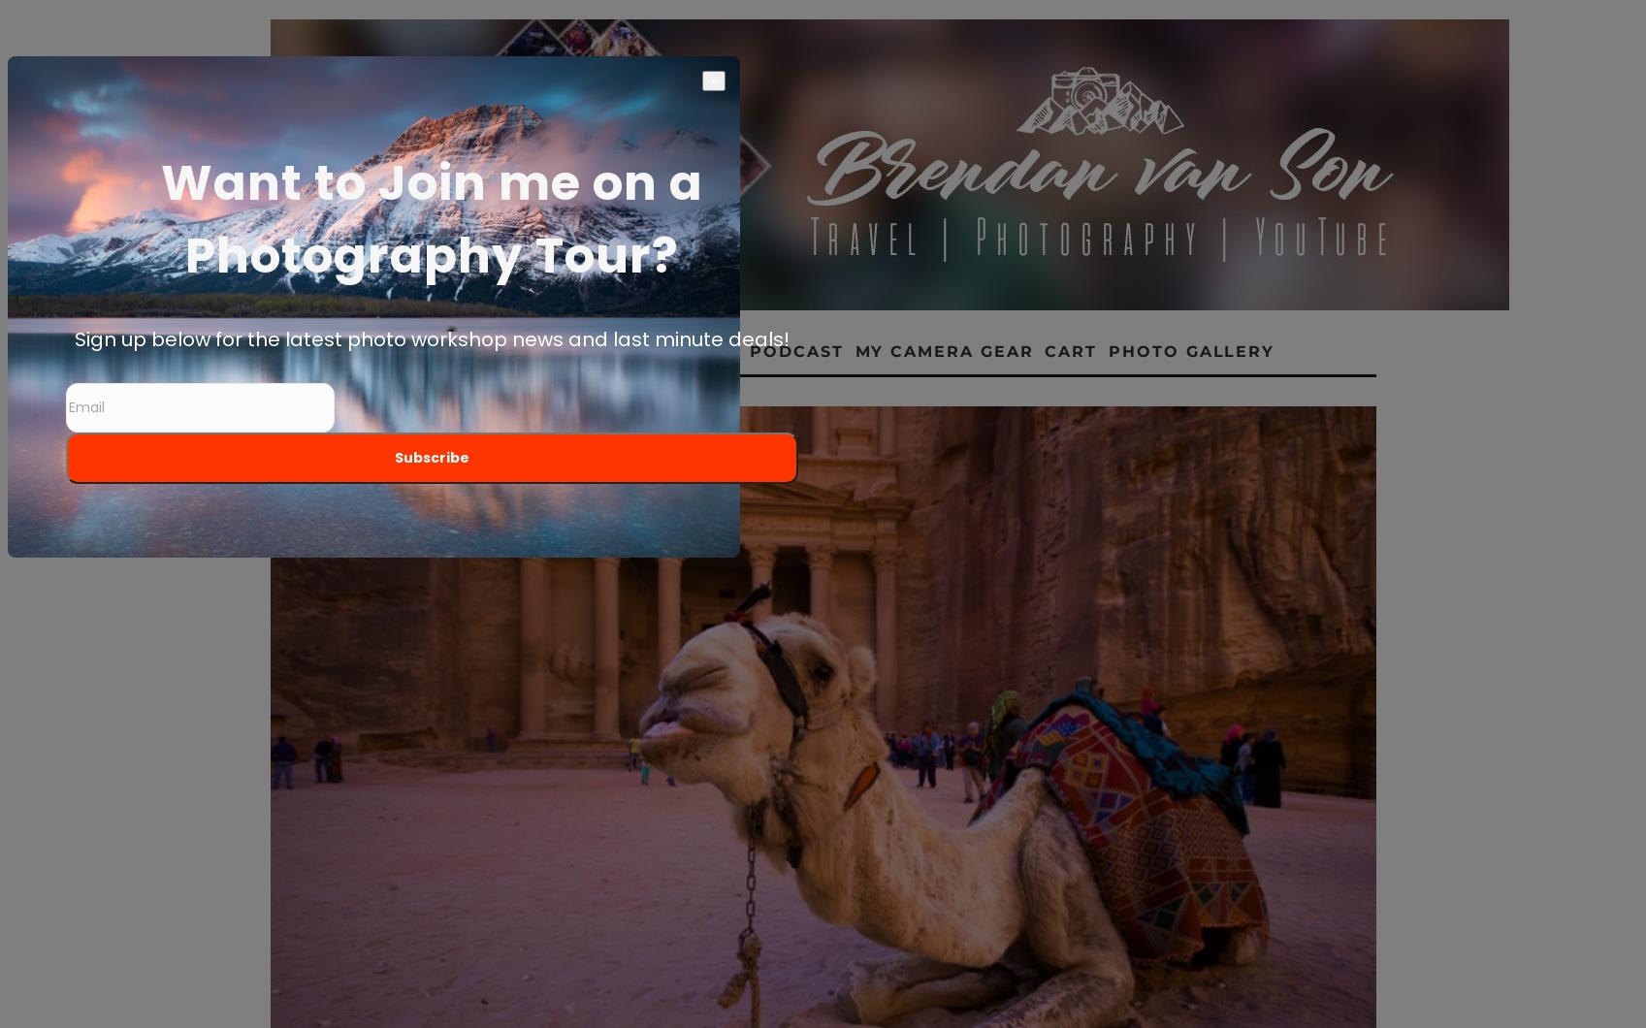  I want to click on 'Type to search or hit ESC to close', so click(464, 1002).